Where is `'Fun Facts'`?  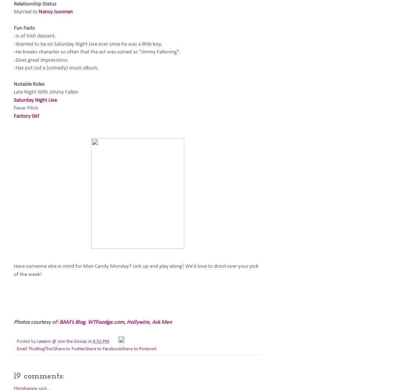 'Fun Facts' is located at coordinates (24, 27).